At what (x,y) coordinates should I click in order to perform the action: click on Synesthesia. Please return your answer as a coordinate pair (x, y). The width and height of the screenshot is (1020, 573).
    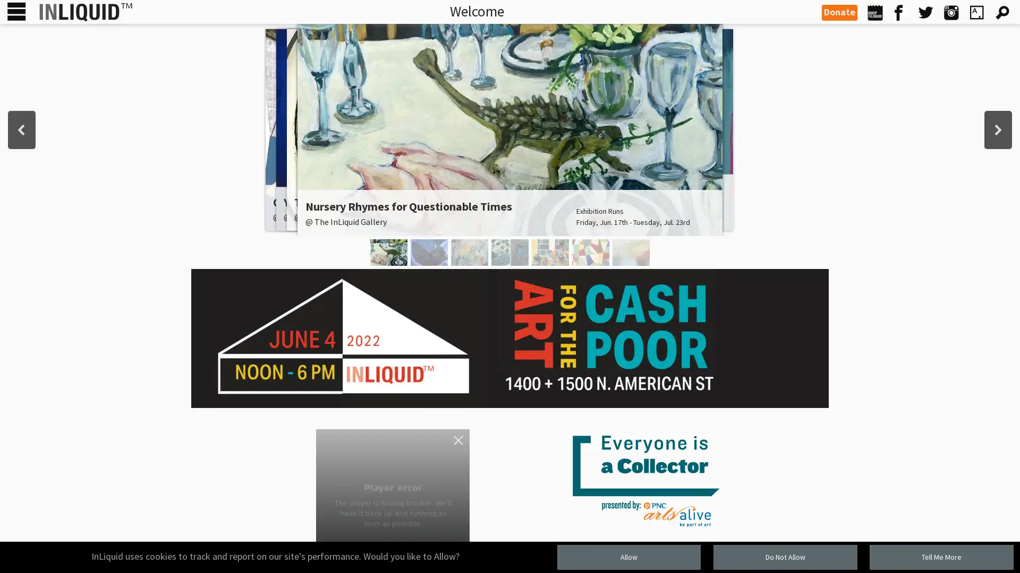
    Looking at the image, I should click on (550, 252).